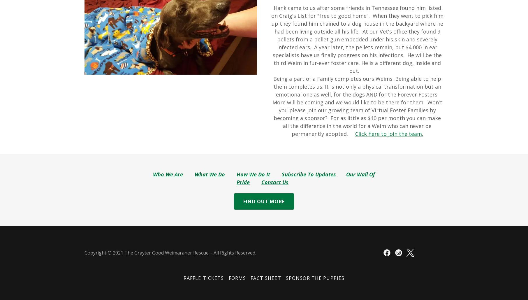 The height and width of the screenshot is (300, 528). What do you see at coordinates (203, 278) in the screenshot?
I see `'Raffle Tickets'` at bounding box center [203, 278].